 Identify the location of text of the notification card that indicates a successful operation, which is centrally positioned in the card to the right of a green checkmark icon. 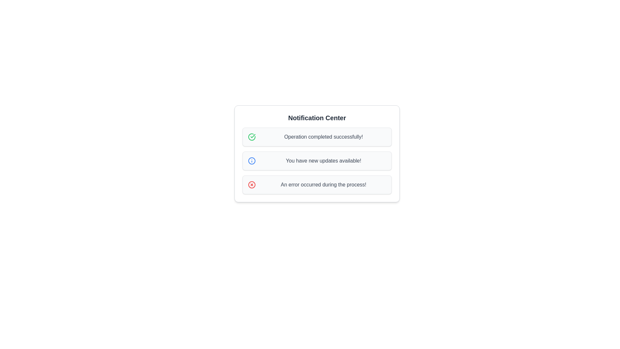
(324, 137).